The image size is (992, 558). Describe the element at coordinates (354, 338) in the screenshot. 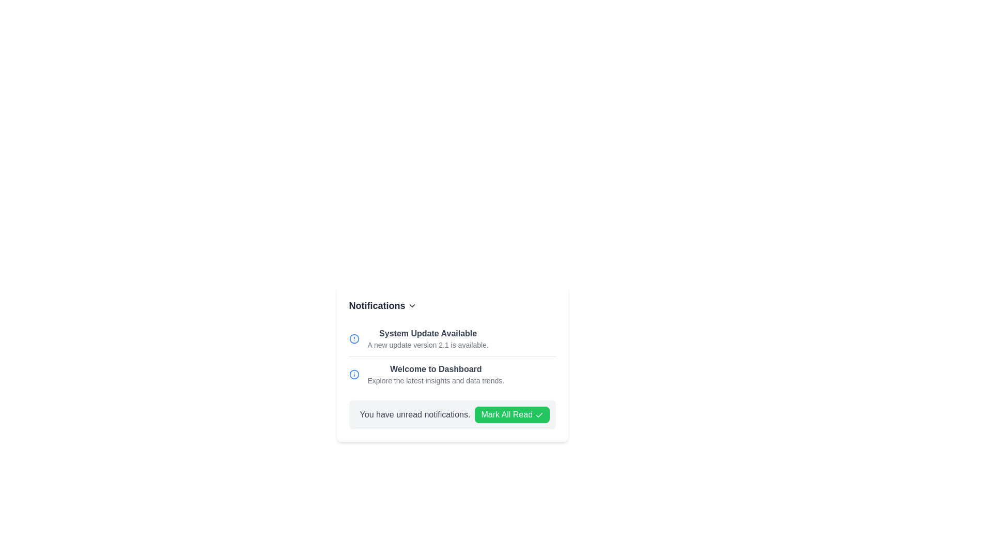

I see `the alert icon (circular shape) located to the left of the 'System Update Available' text in the notification section` at that location.